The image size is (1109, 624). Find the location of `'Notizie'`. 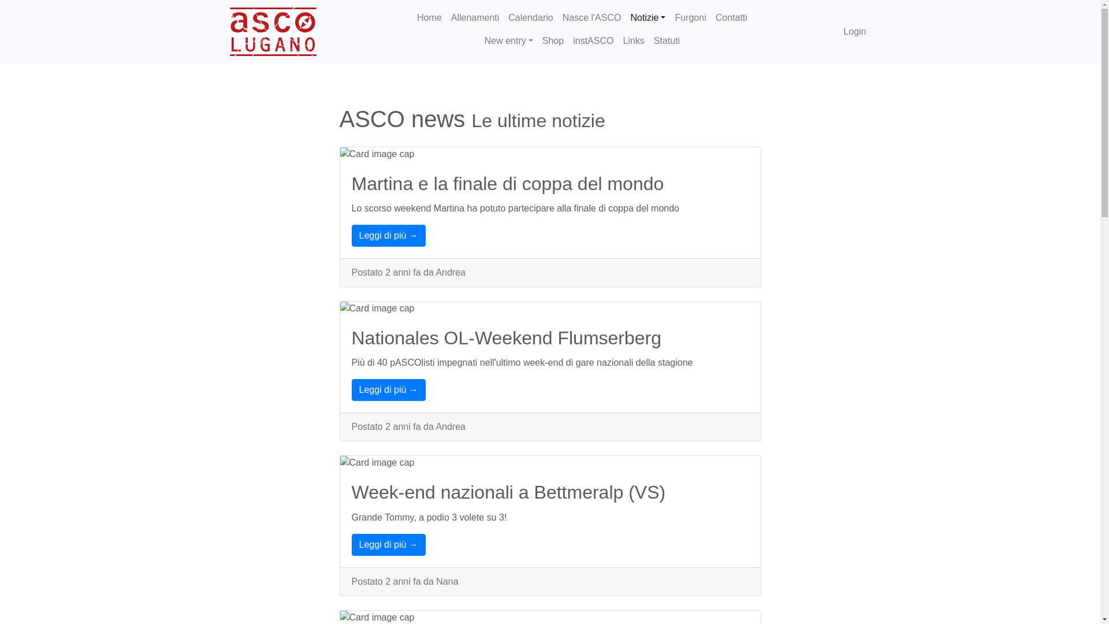

'Notizie' is located at coordinates (647, 17).